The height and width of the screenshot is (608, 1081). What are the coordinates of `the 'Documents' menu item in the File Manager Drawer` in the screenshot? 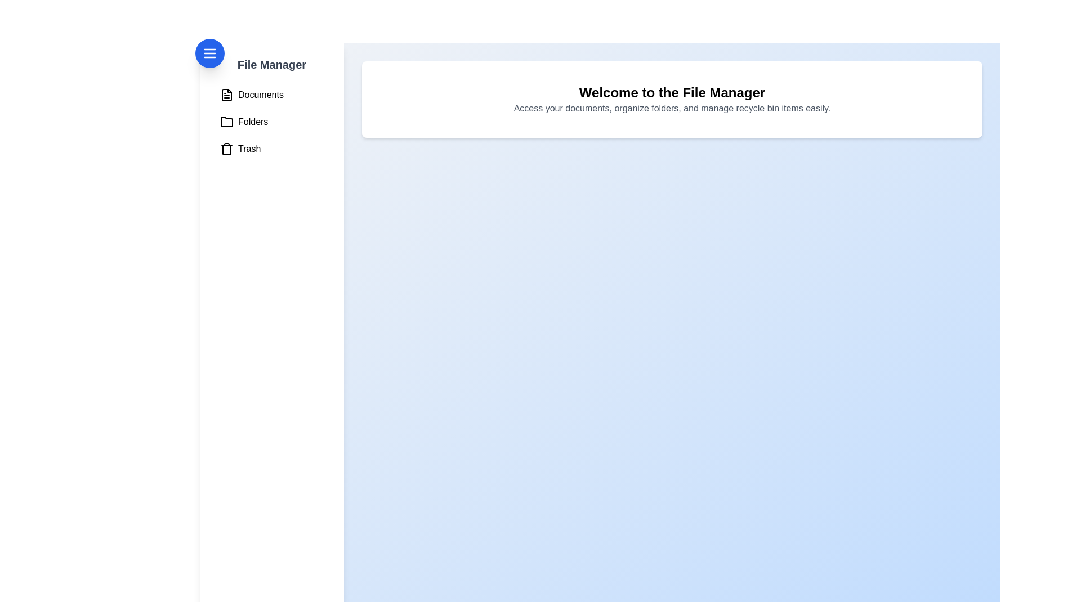 It's located at (272, 95).